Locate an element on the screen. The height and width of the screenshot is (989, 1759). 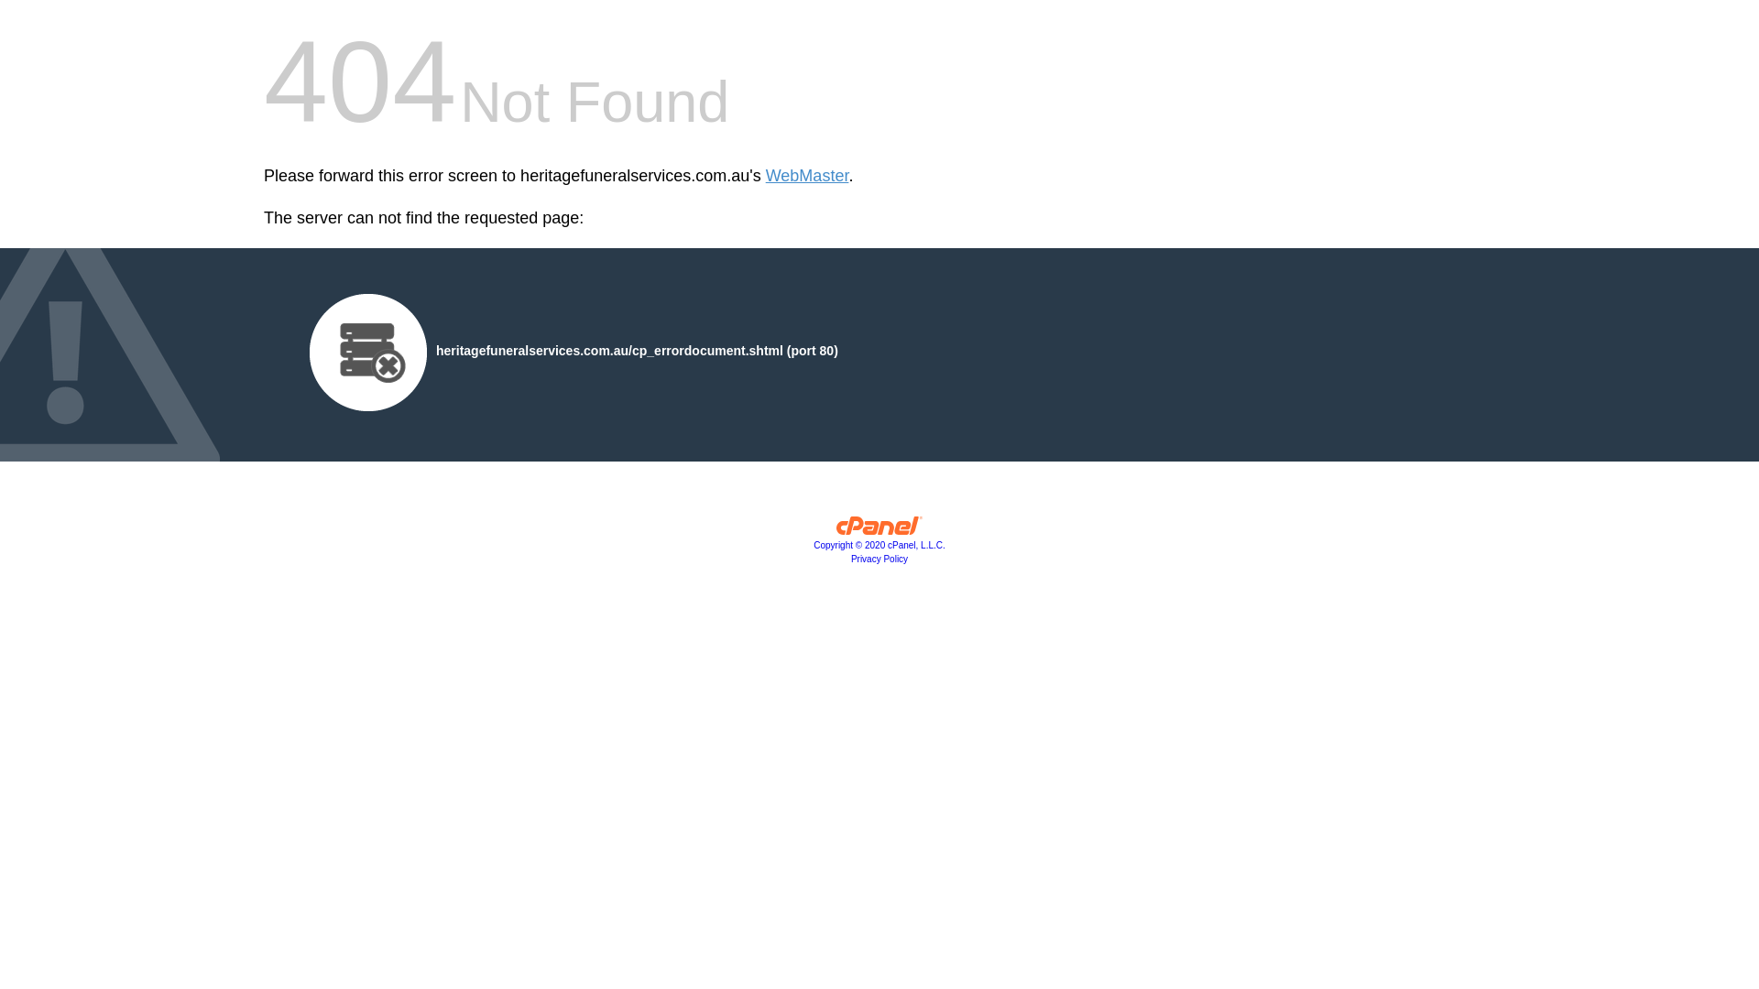
'Privacy Policy' is located at coordinates (850, 558).